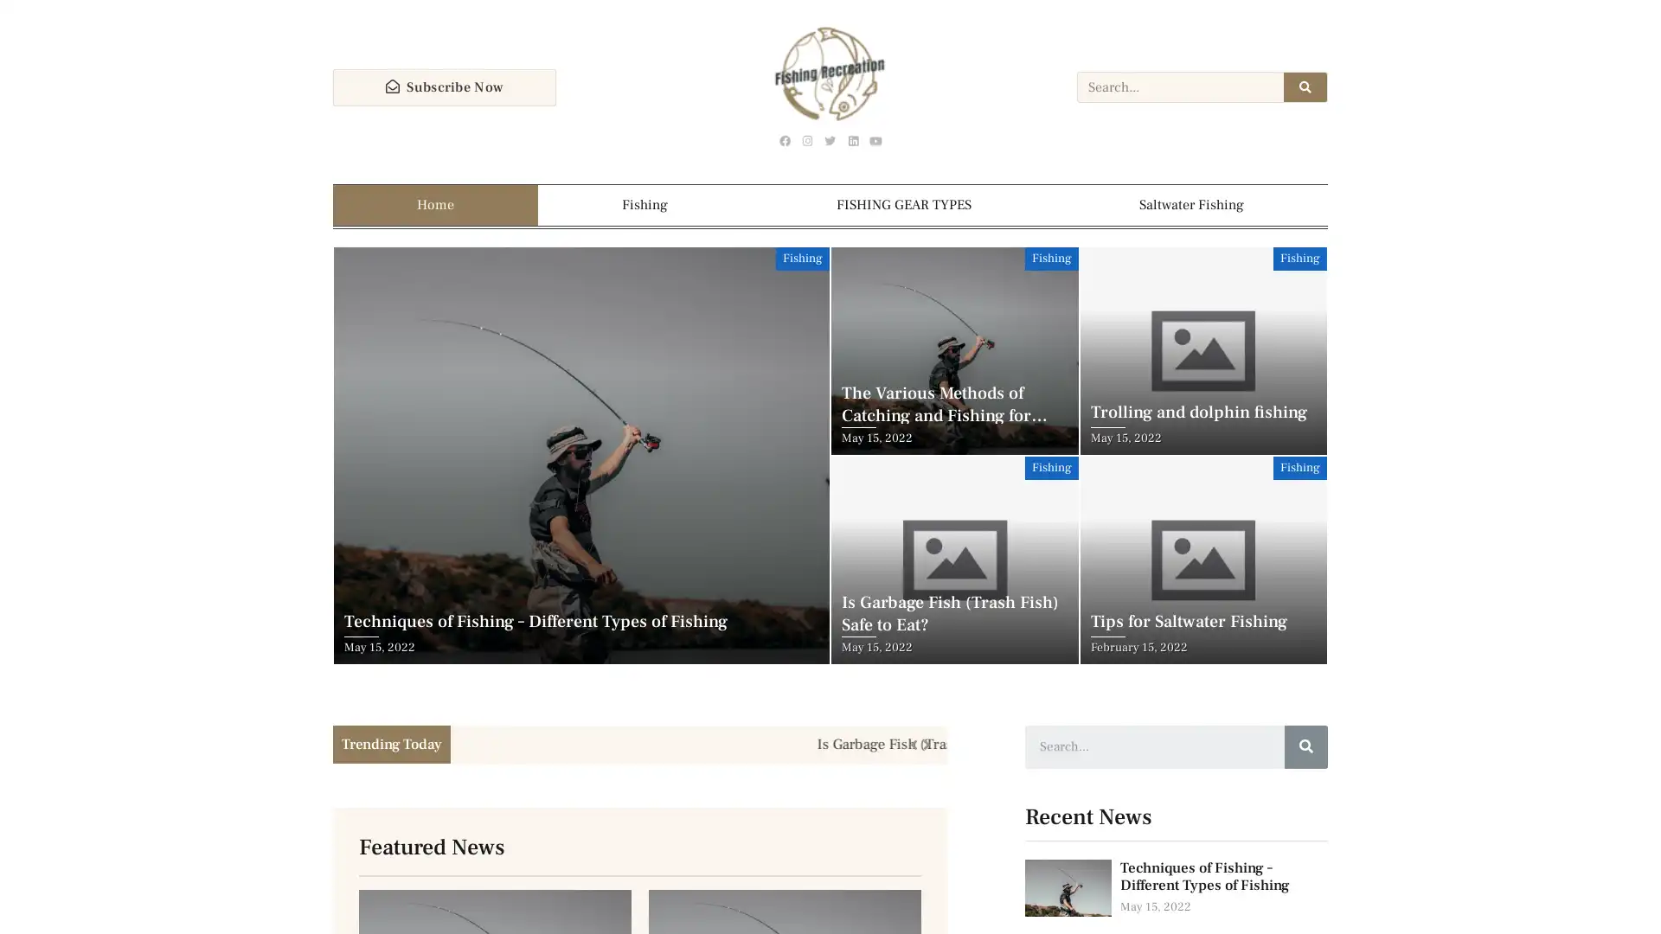  Describe the element at coordinates (912, 743) in the screenshot. I see `Previous slide` at that location.